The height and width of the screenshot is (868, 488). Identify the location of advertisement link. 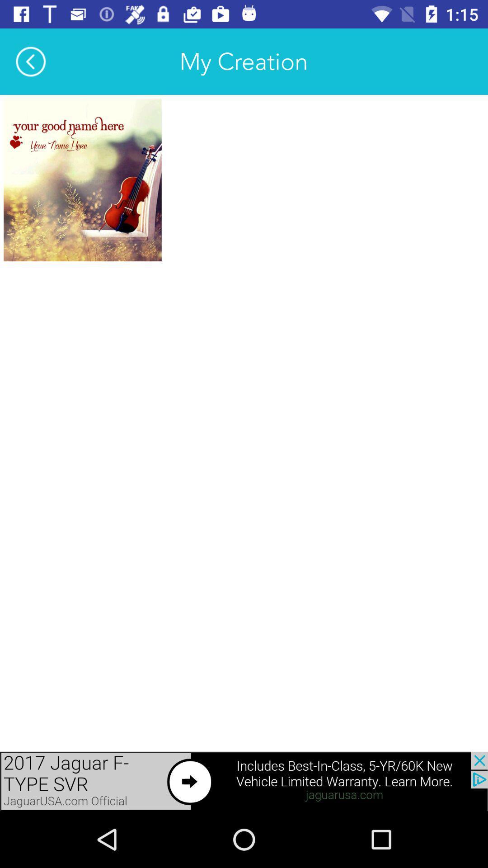
(244, 781).